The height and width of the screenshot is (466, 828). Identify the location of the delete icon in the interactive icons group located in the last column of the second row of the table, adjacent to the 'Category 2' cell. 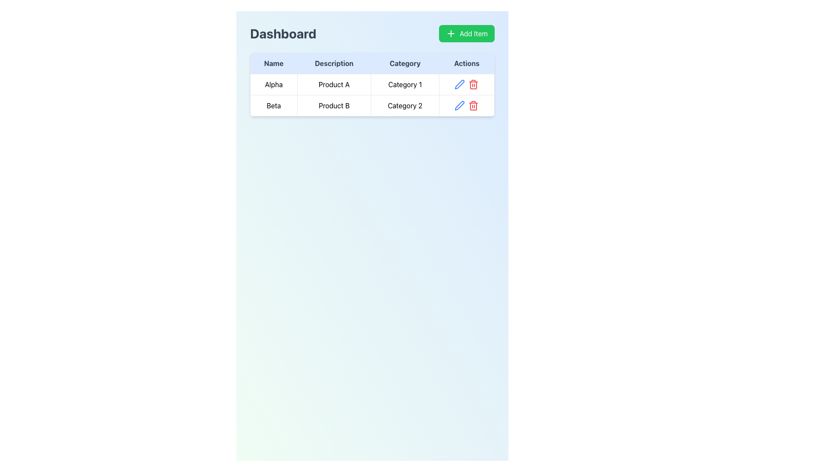
(466, 105).